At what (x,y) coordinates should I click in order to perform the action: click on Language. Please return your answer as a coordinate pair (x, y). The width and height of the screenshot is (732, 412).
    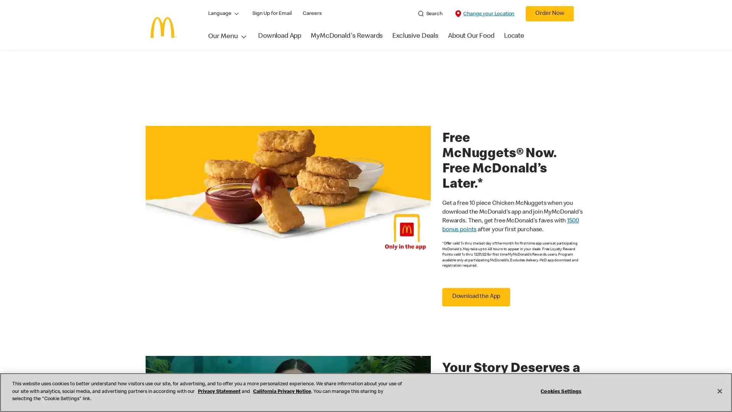
    Looking at the image, I should click on (223, 13).